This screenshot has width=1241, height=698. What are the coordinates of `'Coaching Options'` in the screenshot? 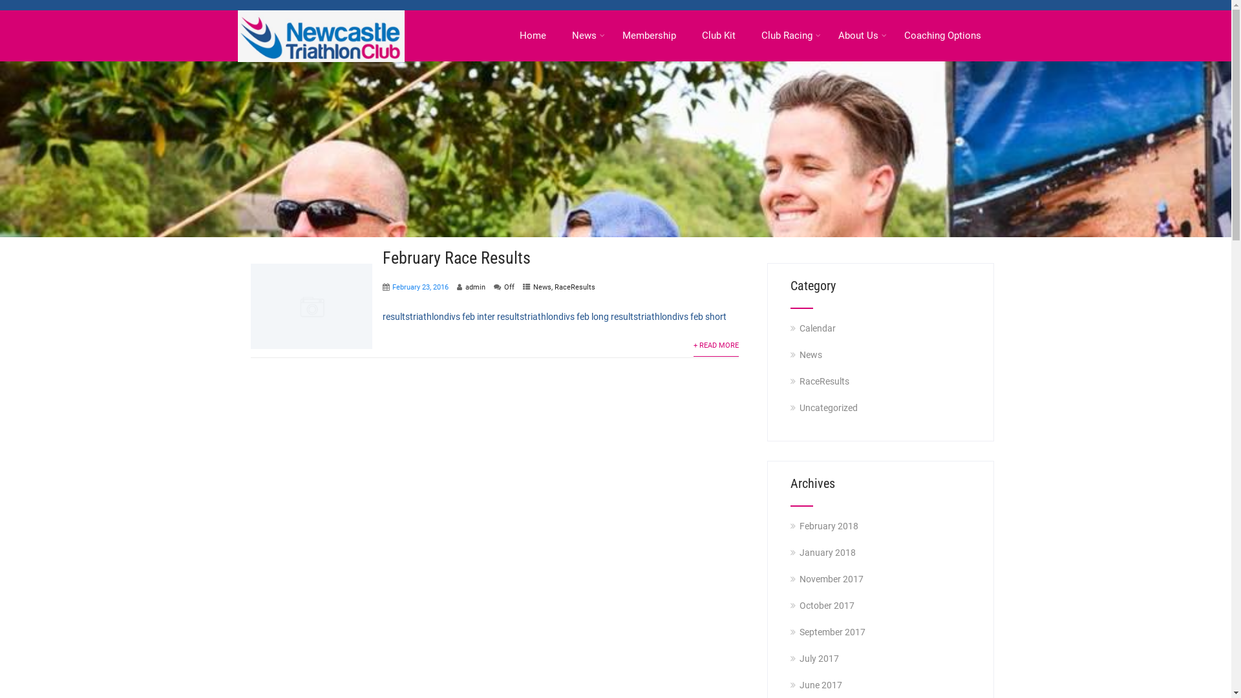 It's located at (942, 35).